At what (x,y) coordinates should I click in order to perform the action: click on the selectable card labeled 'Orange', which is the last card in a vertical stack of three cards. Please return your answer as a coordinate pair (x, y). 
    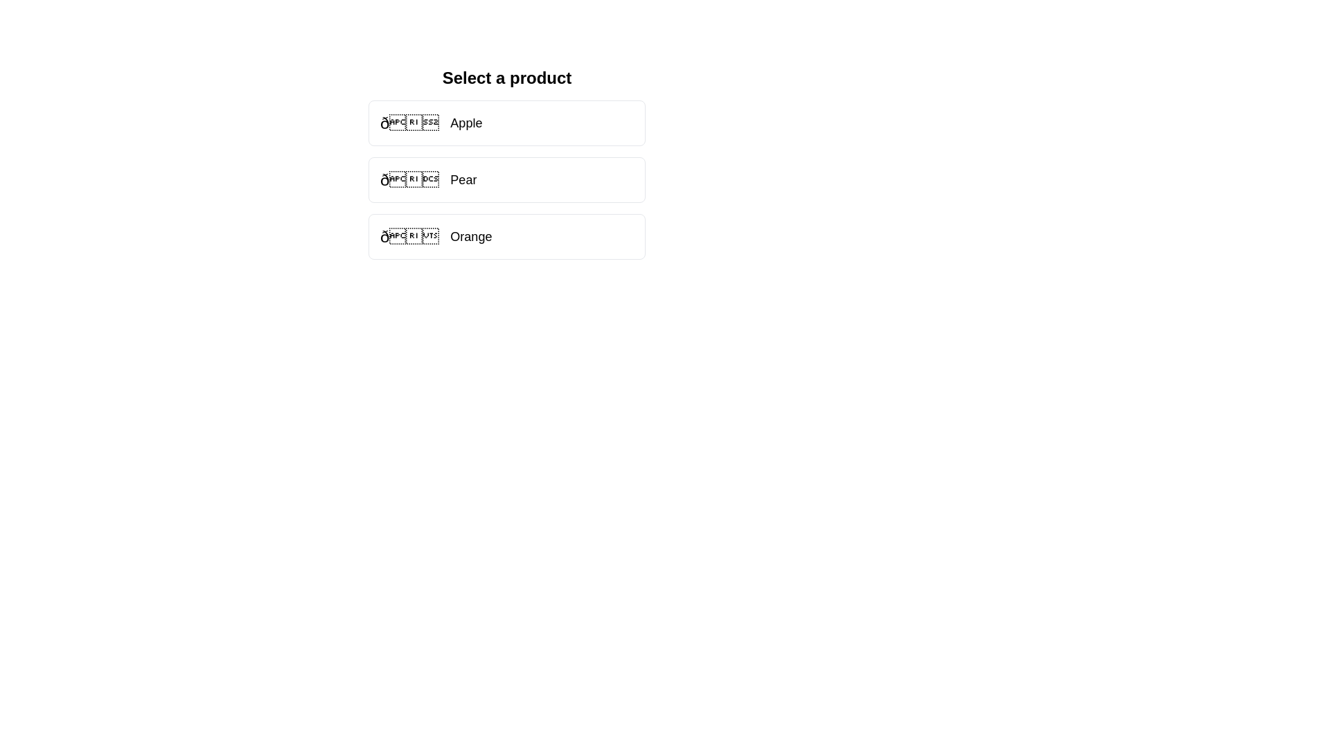
    Looking at the image, I should click on (506, 236).